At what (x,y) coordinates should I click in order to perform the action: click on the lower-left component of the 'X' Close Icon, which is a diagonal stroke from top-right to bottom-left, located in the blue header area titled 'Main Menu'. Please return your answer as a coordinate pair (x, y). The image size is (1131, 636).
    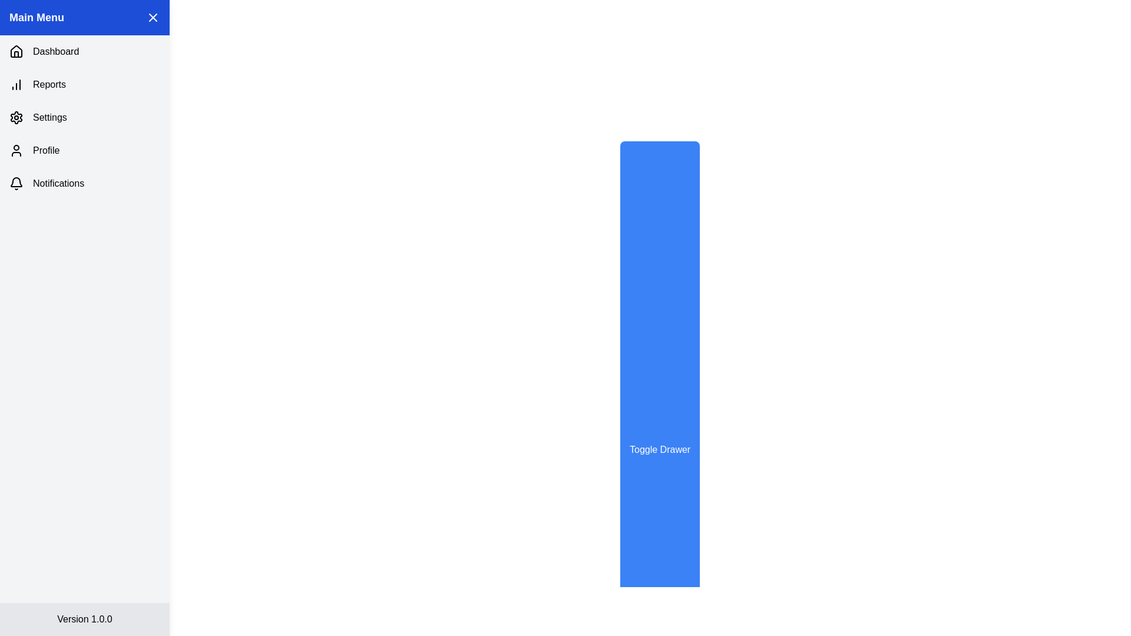
    Looking at the image, I should click on (152, 18).